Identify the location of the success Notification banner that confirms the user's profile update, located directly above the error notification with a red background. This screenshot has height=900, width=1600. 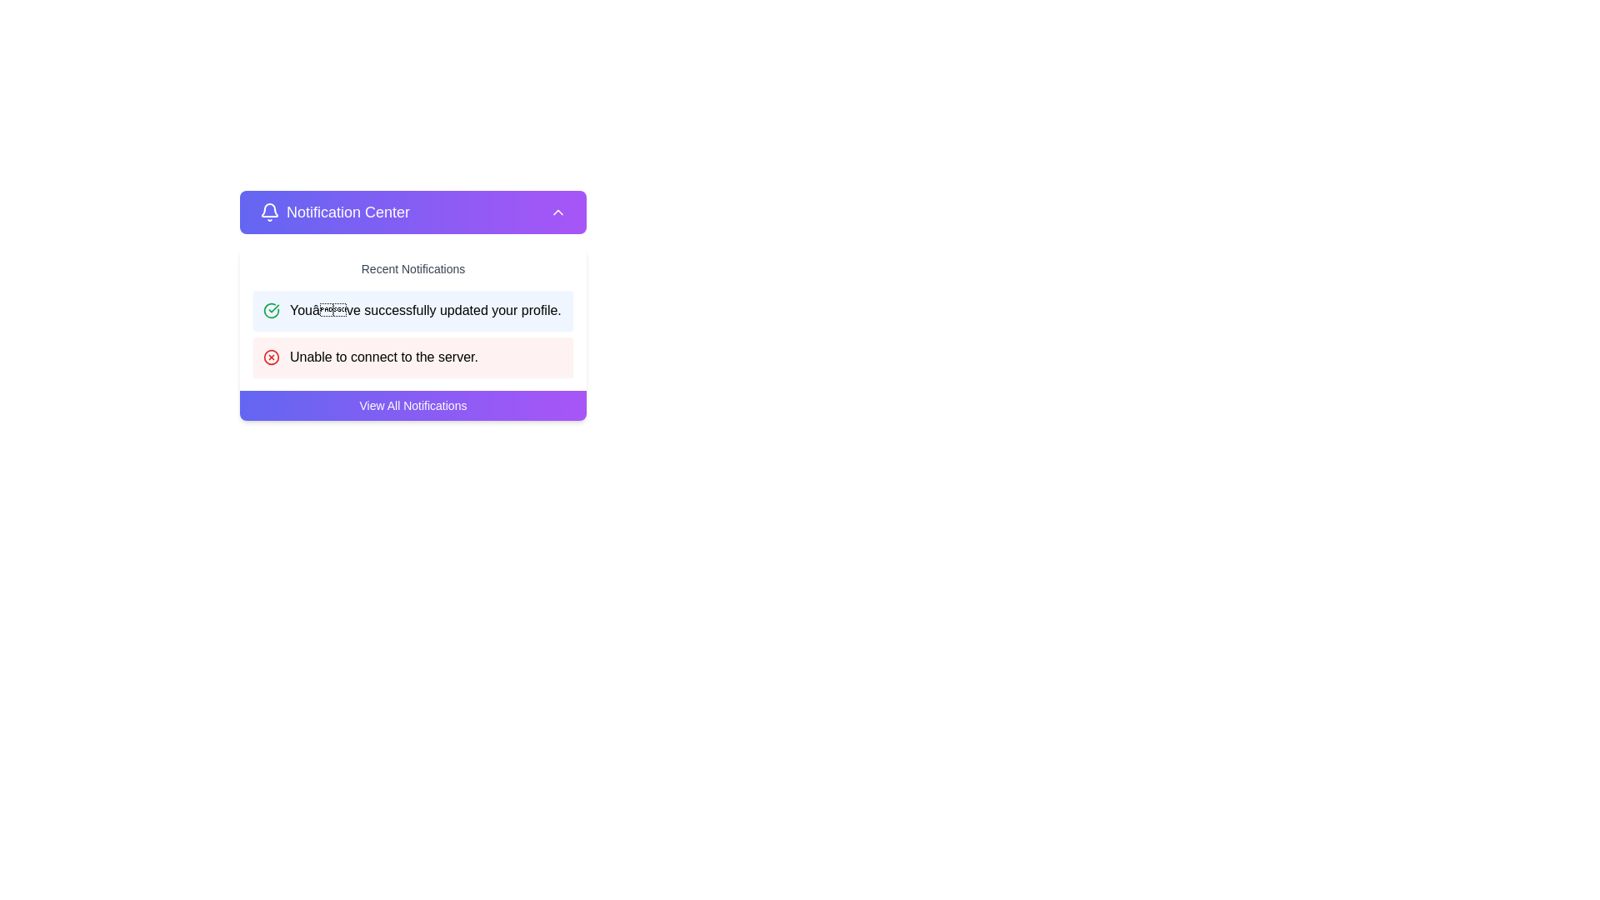
(412, 311).